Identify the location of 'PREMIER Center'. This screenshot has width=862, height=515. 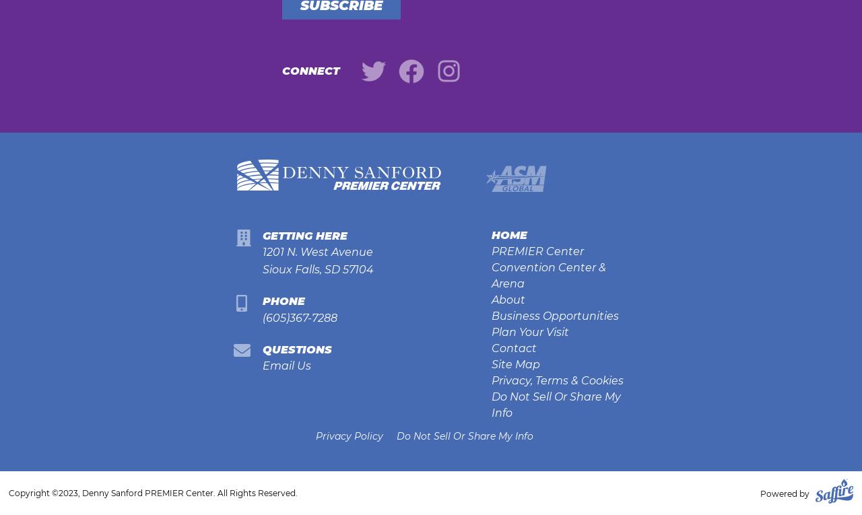
(536, 250).